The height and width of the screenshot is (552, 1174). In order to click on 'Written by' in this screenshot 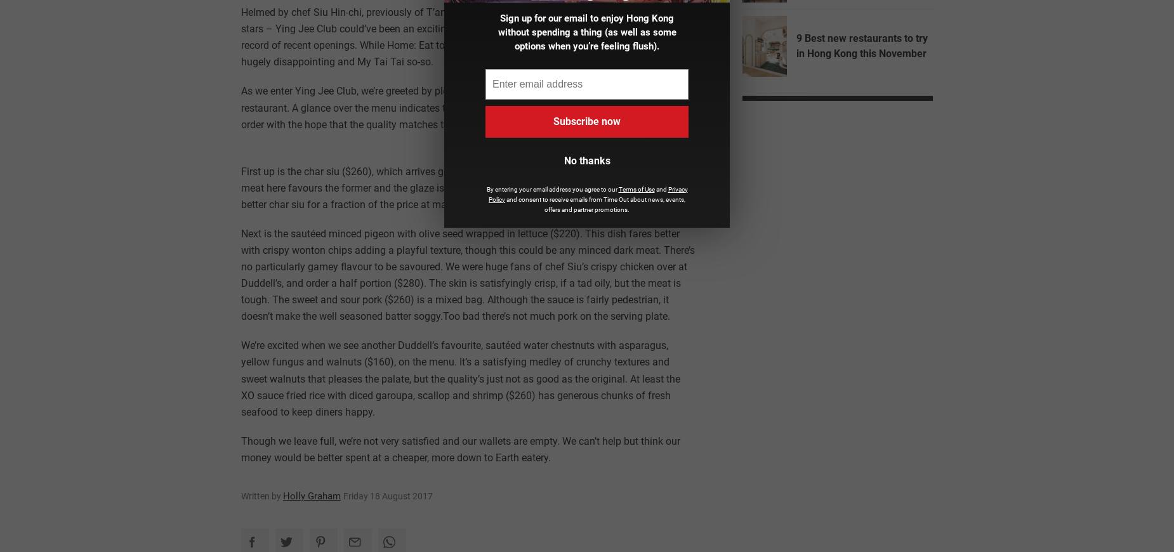, I will do `click(240, 495)`.